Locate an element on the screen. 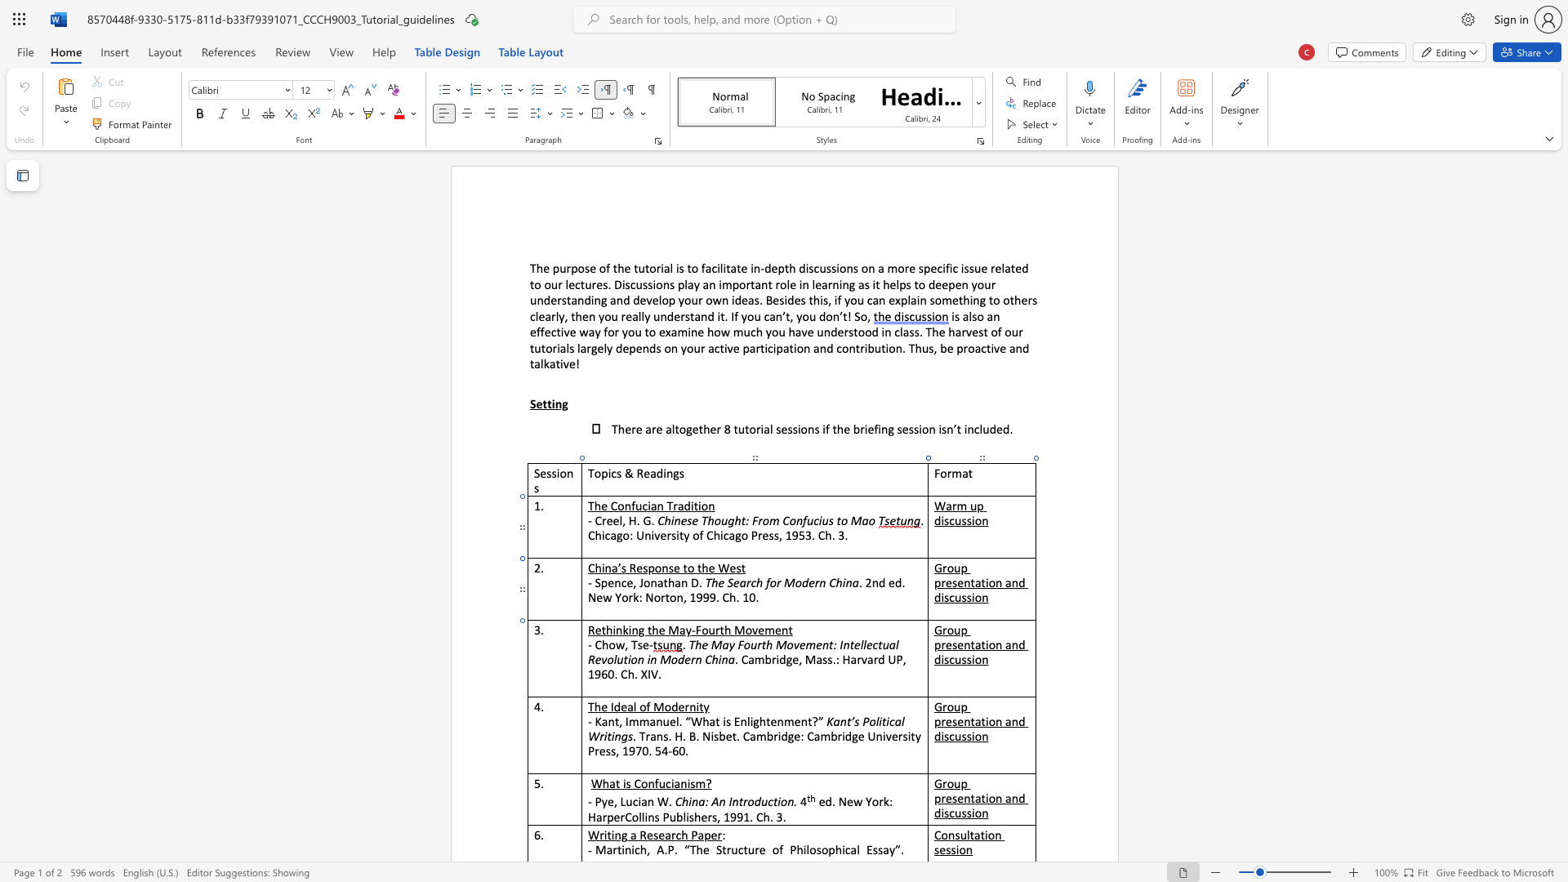 This screenshot has width=1568, height=882. the 1th character "w" in the text is located at coordinates (619, 644).